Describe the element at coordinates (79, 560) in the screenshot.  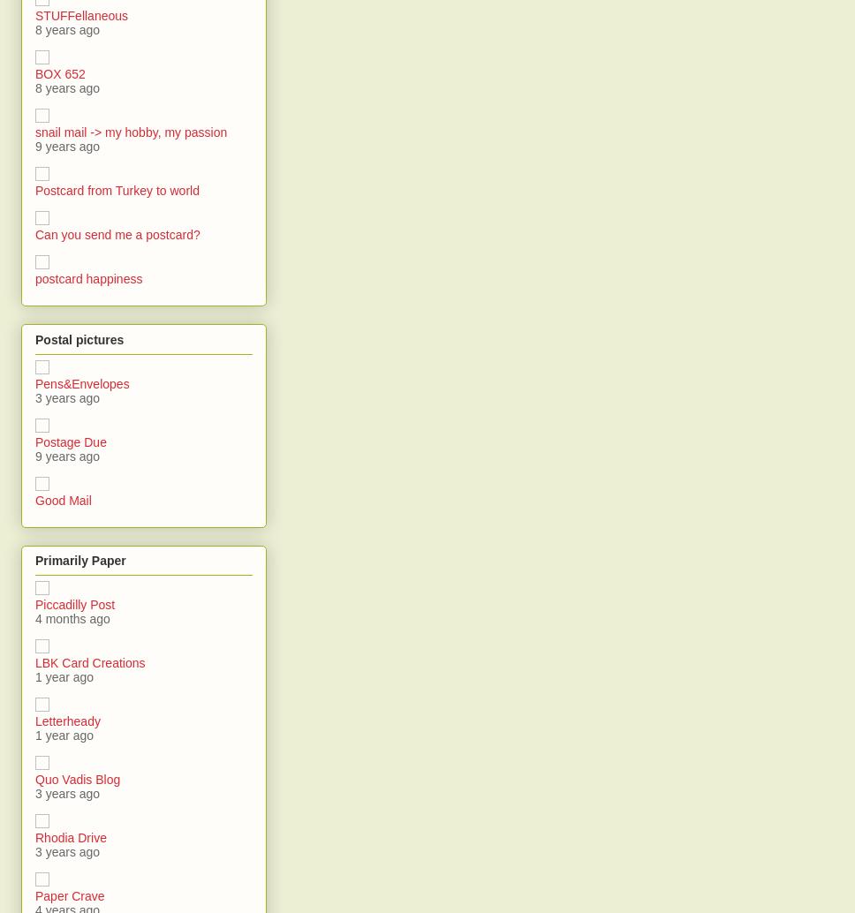
I see `'Primarily Paper'` at that location.